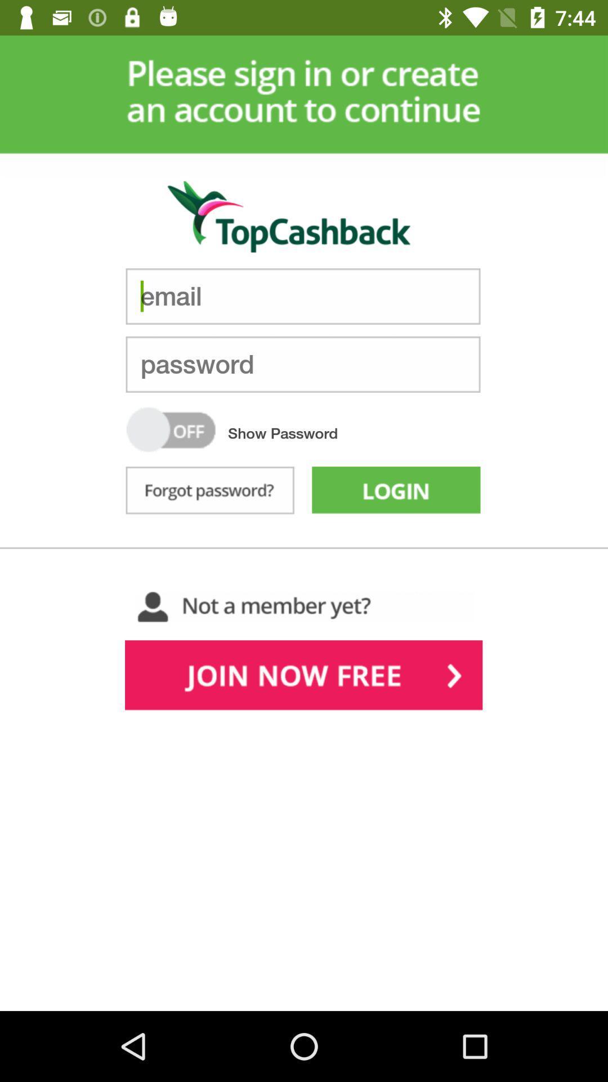 This screenshot has height=1082, width=608. I want to click on turn show password on or off, so click(171, 429).